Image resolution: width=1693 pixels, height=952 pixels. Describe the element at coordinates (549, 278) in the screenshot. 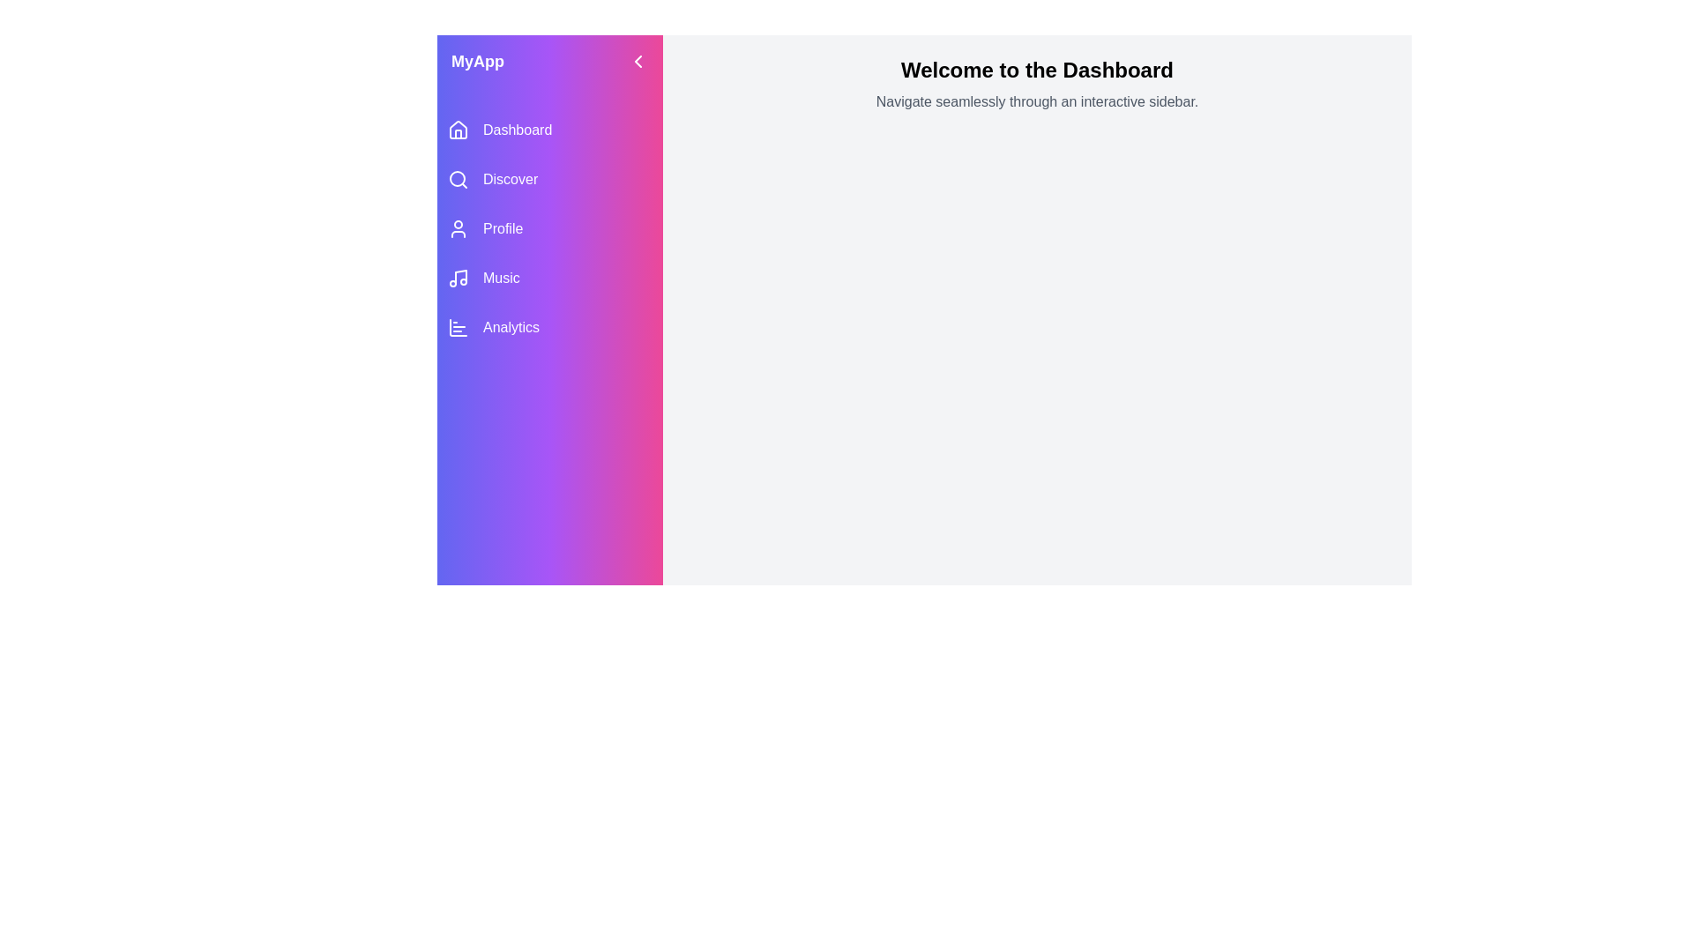

I see `the navigation item labeled Music` at that location.